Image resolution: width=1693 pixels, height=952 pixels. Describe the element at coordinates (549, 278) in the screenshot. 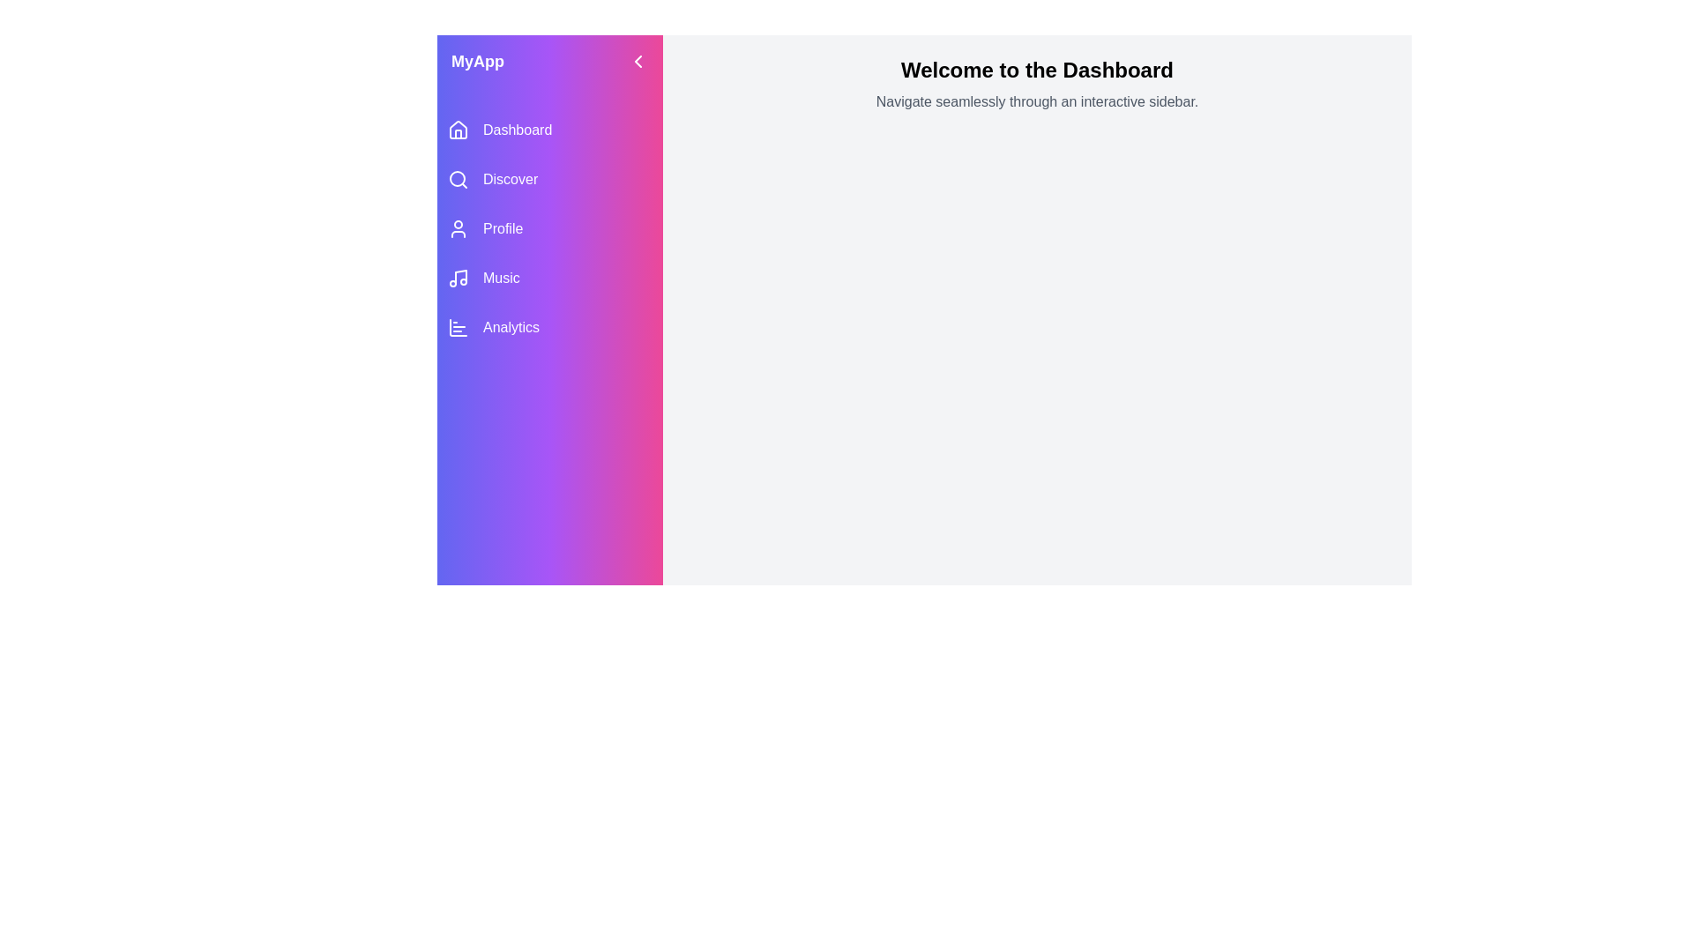

I see `the navigation item labeled Music` at that location.